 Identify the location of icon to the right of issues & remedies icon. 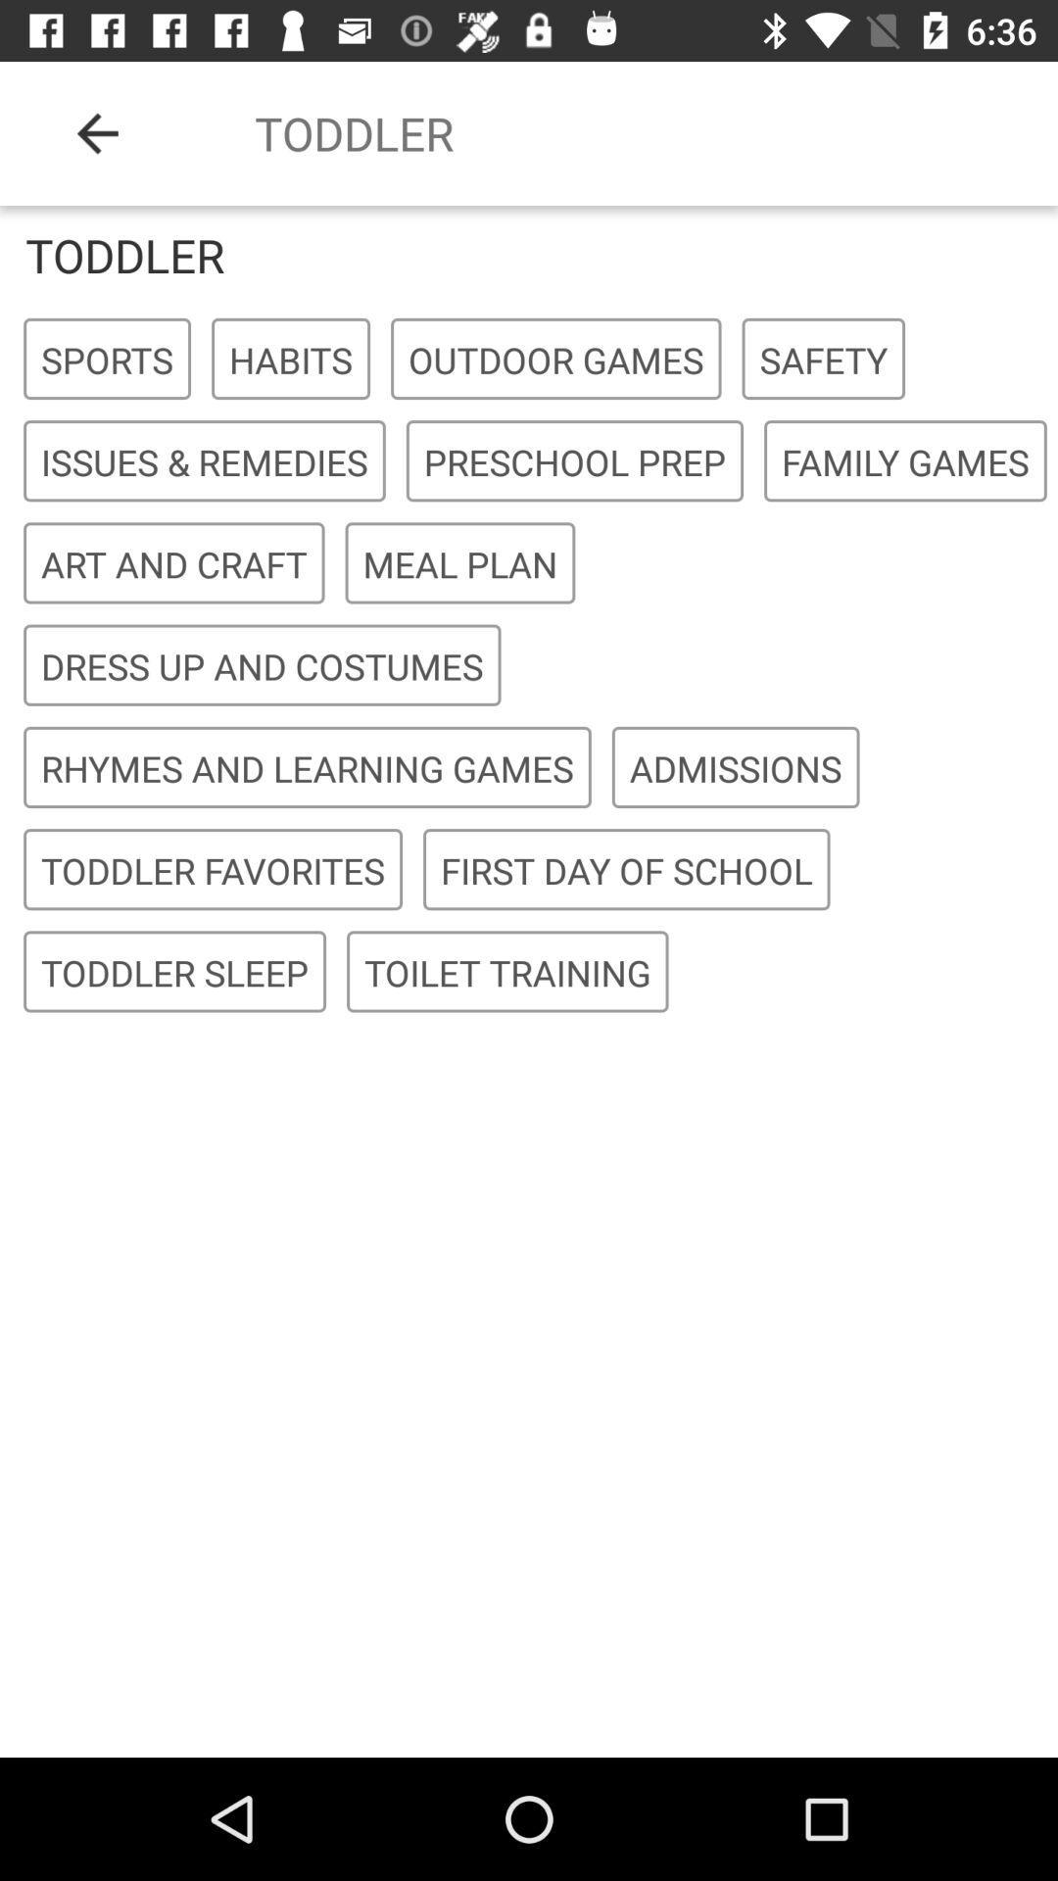
(573, 460).